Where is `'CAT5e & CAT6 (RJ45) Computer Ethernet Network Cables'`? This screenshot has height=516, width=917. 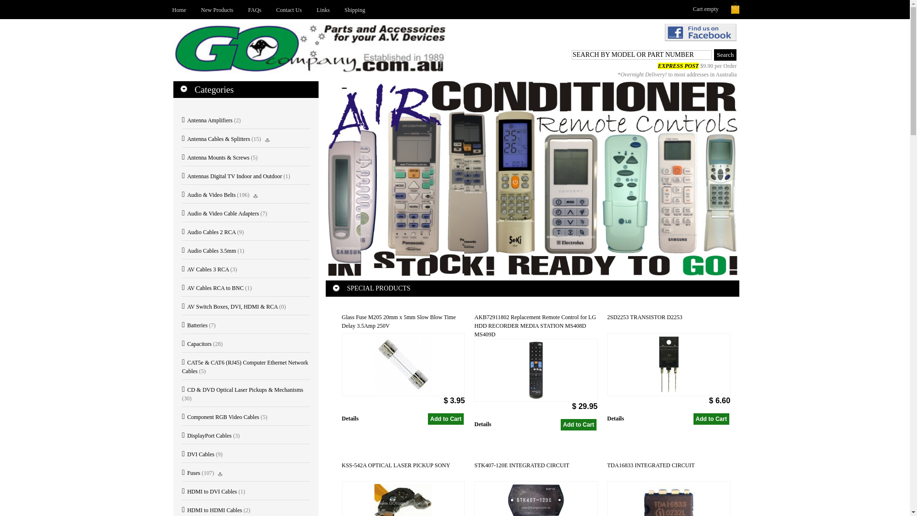
'CAT5e & CAT6 (RJ45) Computer Ethernet Network Cables' is located at coordinates (245, 366).